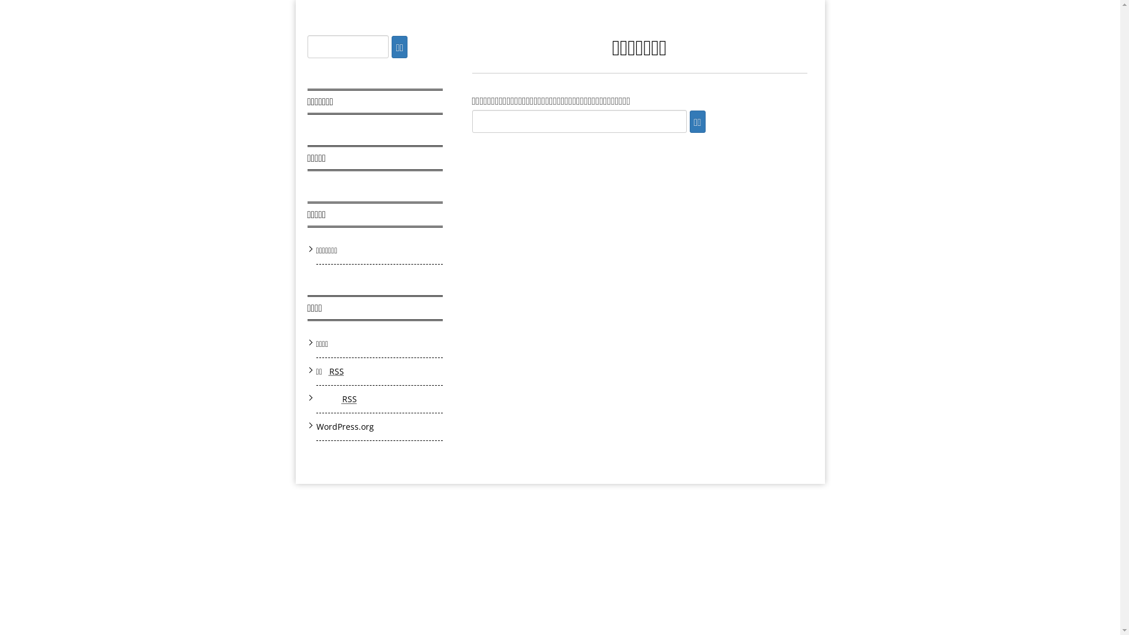  What do you see at coordinates (316, 426) in the screenshot?
I see `'WordPress.org'` at bounding box center [316, 426].